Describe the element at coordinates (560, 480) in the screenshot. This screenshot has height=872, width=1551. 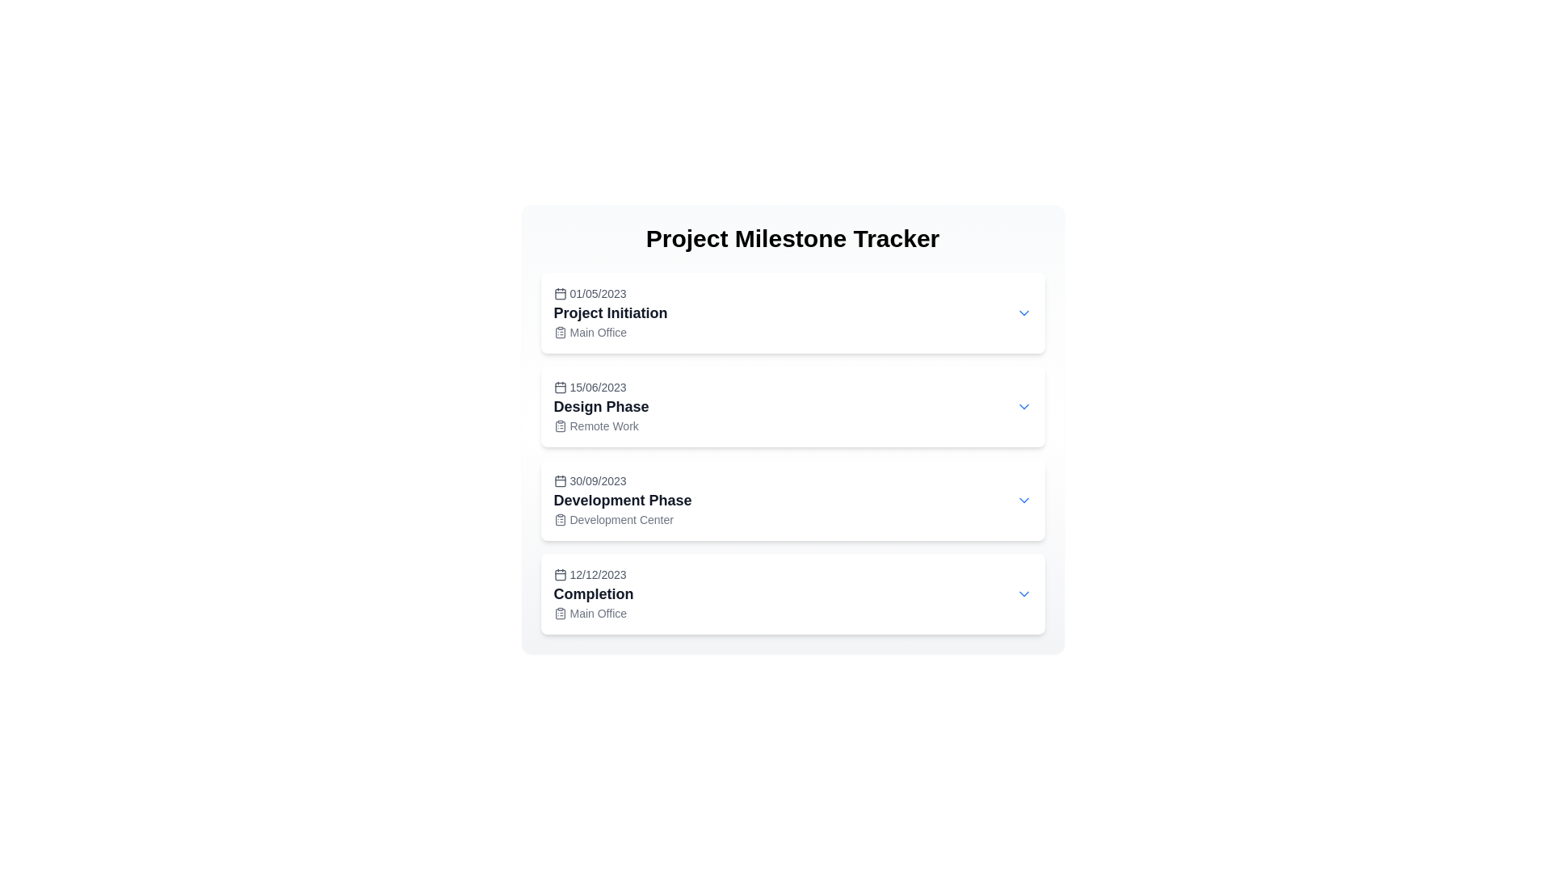
I see `the central rectangular part of the calendar icon within the third milestone card labeled '30/09/2023 Development Phase'` at that location.